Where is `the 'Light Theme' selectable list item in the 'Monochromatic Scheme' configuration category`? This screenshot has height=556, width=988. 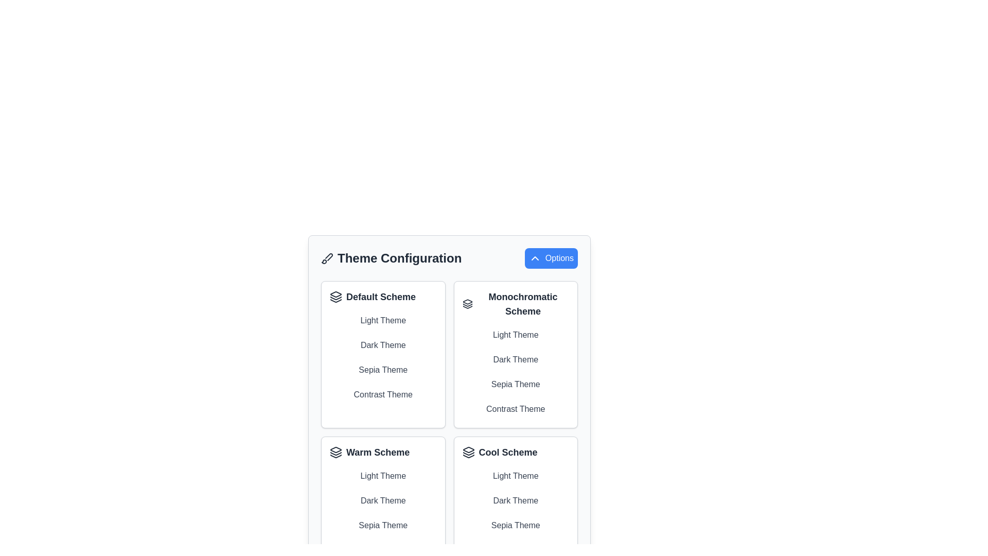
the 'Light Theme' selectable list item in the 'Monochromatic Scheme' configuration category is located at coordinates (516, 335).